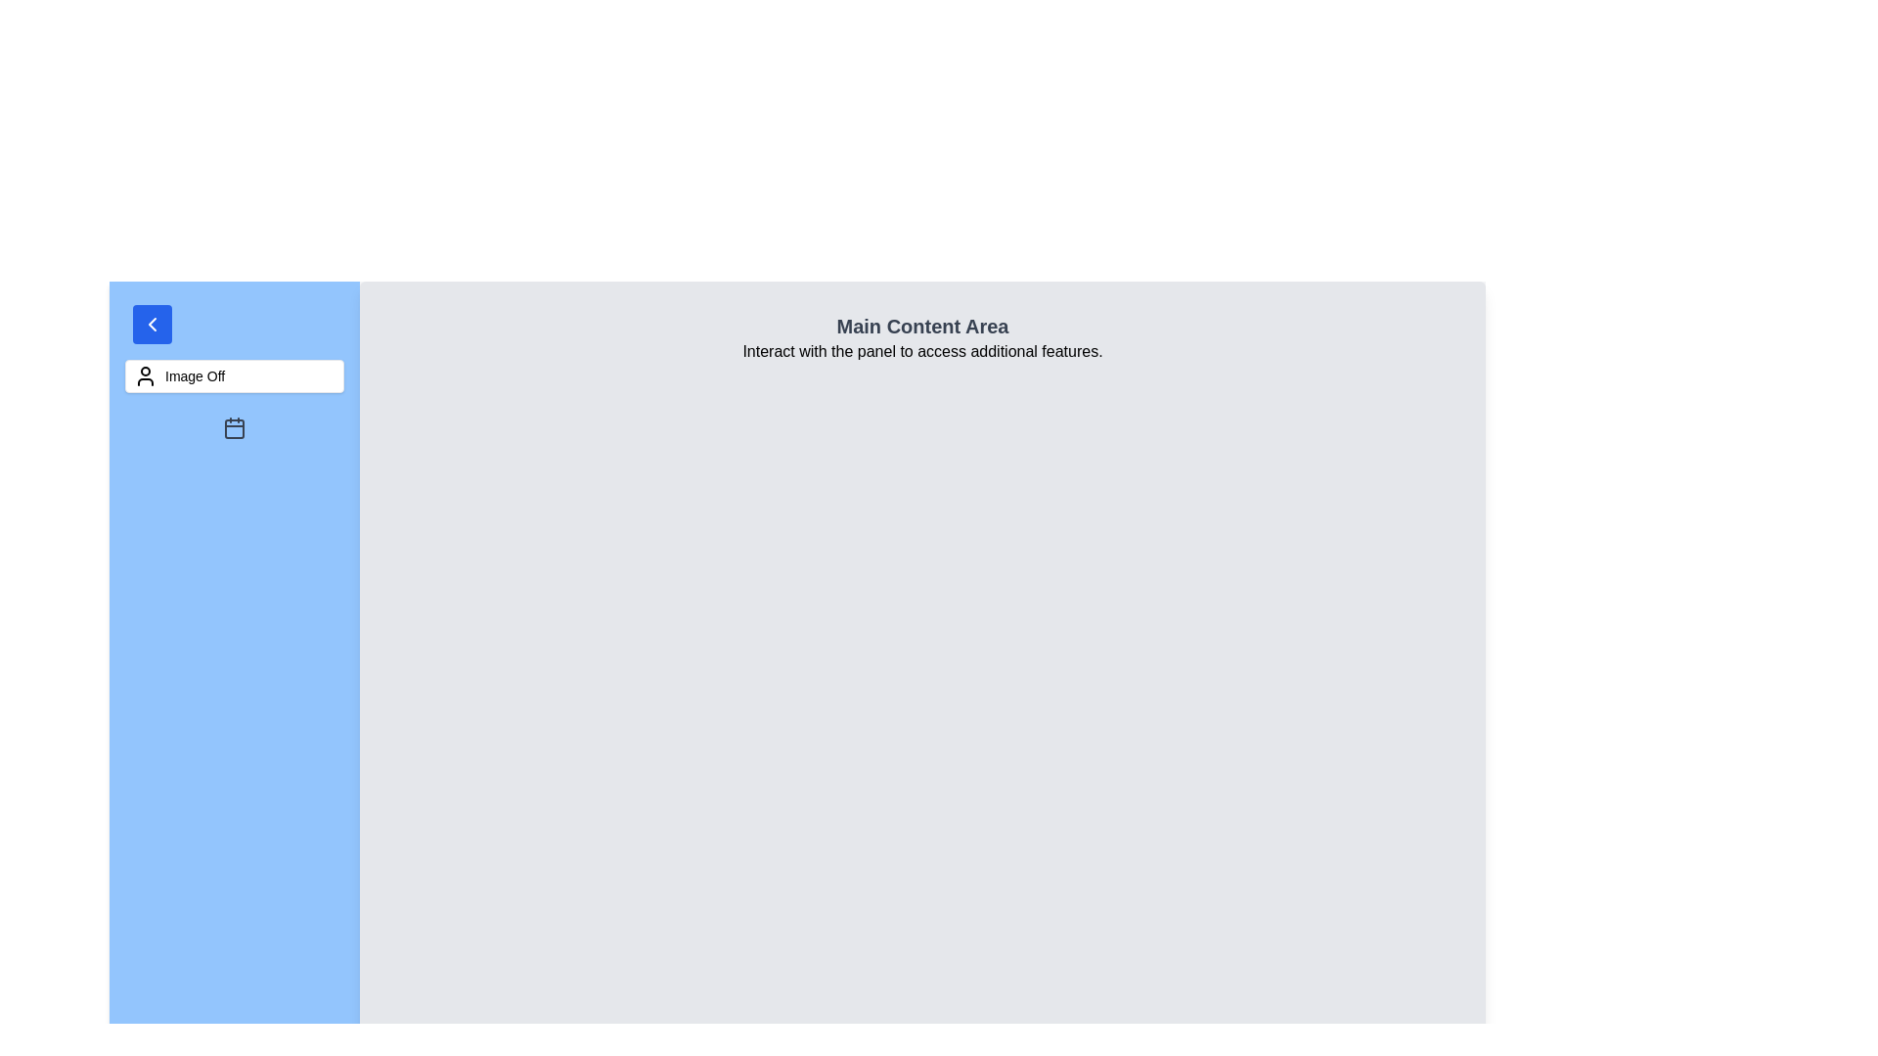 The height and width of the screenshot is (1056, 1878). I want to click on the navigational button located near the top-left corner of the blue sidebar panel, so click(152, 323).